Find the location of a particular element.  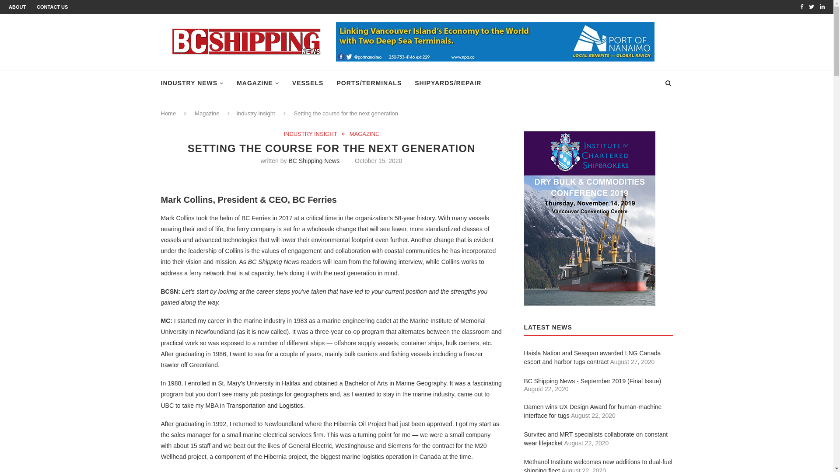

'MAGAZINE' is located at coordinates (237, 83).